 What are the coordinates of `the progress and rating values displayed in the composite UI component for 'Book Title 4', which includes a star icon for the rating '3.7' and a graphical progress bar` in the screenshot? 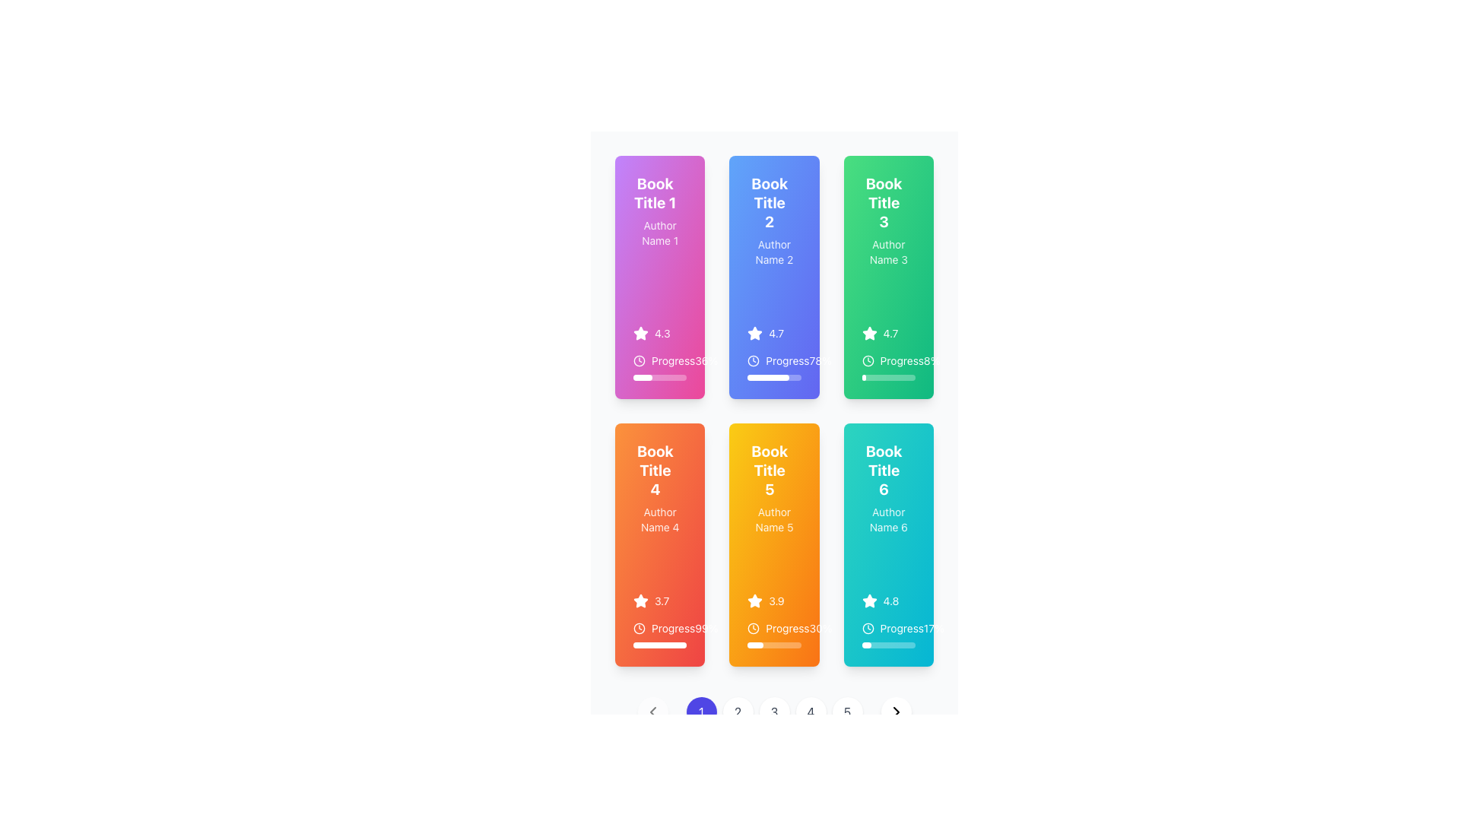 It's located at (660, 621).